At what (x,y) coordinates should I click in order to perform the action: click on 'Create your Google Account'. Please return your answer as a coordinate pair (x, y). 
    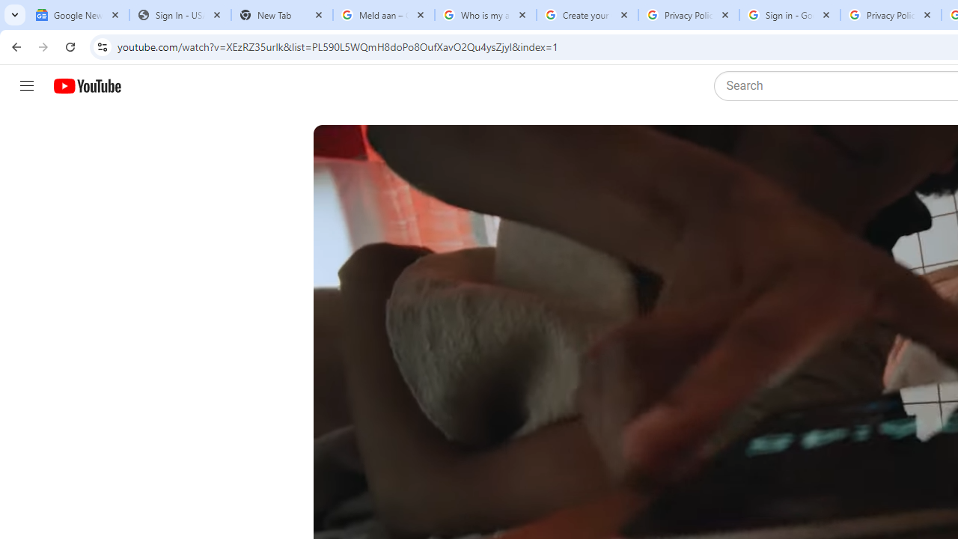
    Looking at the image, I should click on (586, 15).